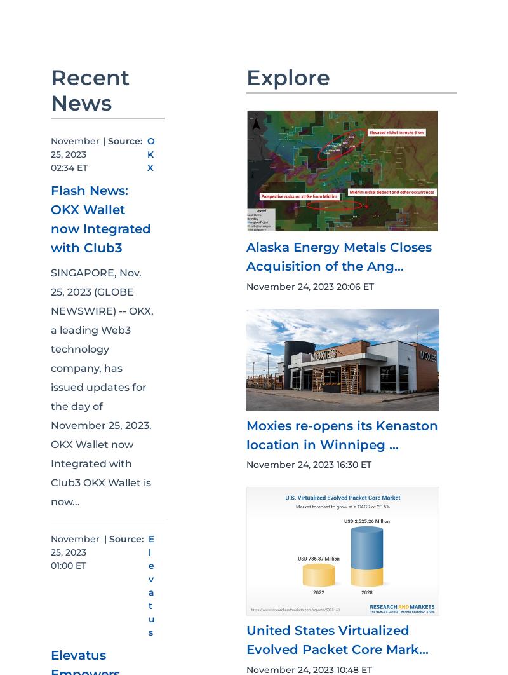  What do you see at coordinates (100, 219) in the screenshot?
I see `'Flash News: OKX Wallet now Integrated with Club3'` at bounding box center [100, 219].